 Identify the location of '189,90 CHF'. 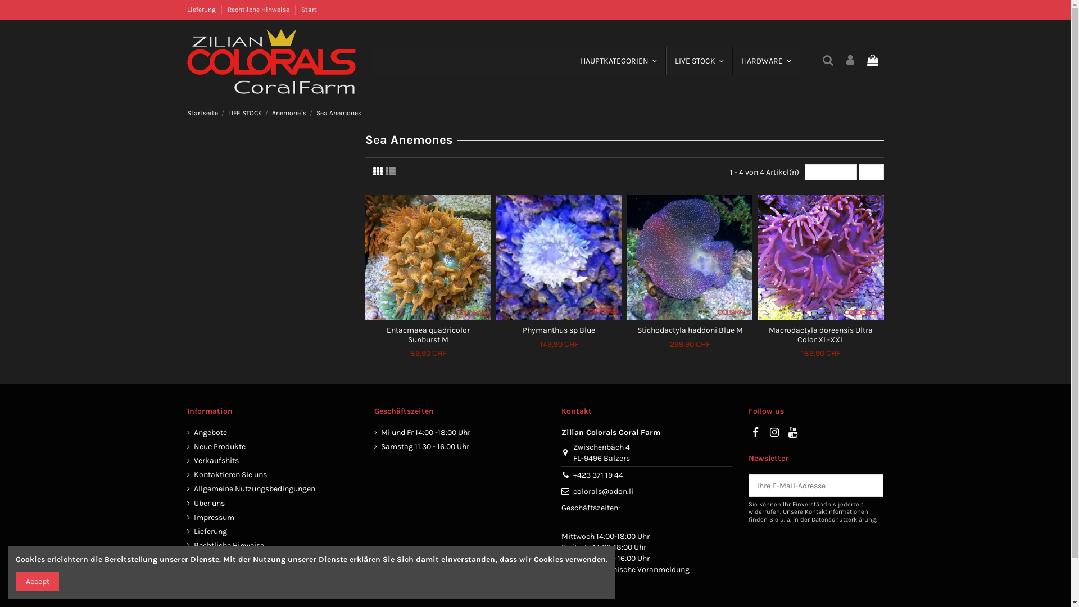
(820, 352).